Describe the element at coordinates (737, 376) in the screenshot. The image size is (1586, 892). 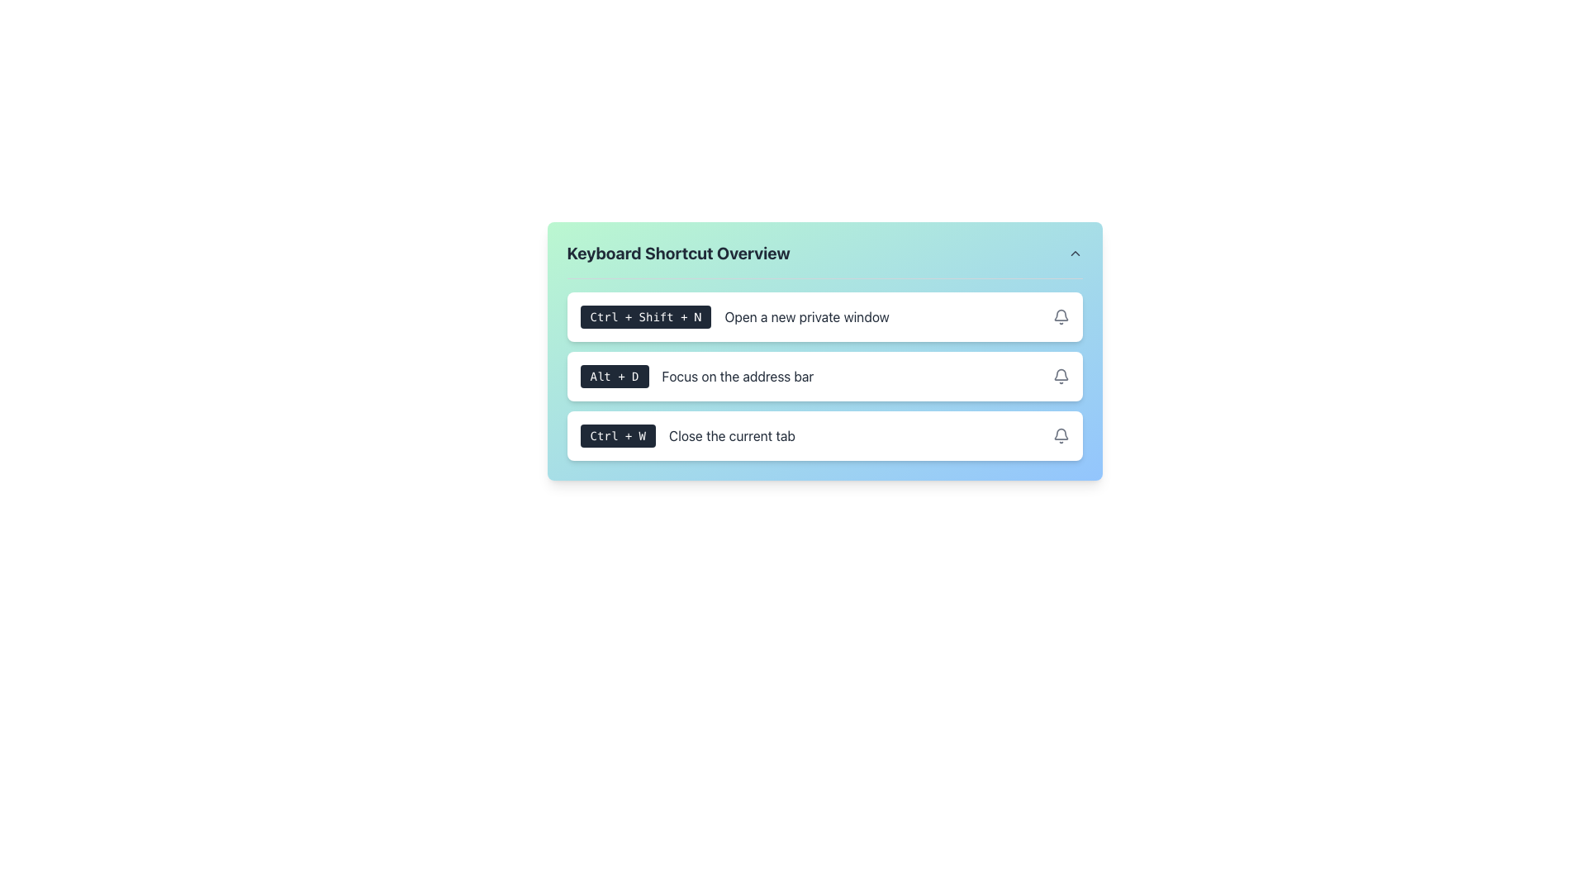
I see `the text label displaying 'Focus on the address bar', which is styled in gray and positioned to the right of a button showing 'Alt + D'` at that location.